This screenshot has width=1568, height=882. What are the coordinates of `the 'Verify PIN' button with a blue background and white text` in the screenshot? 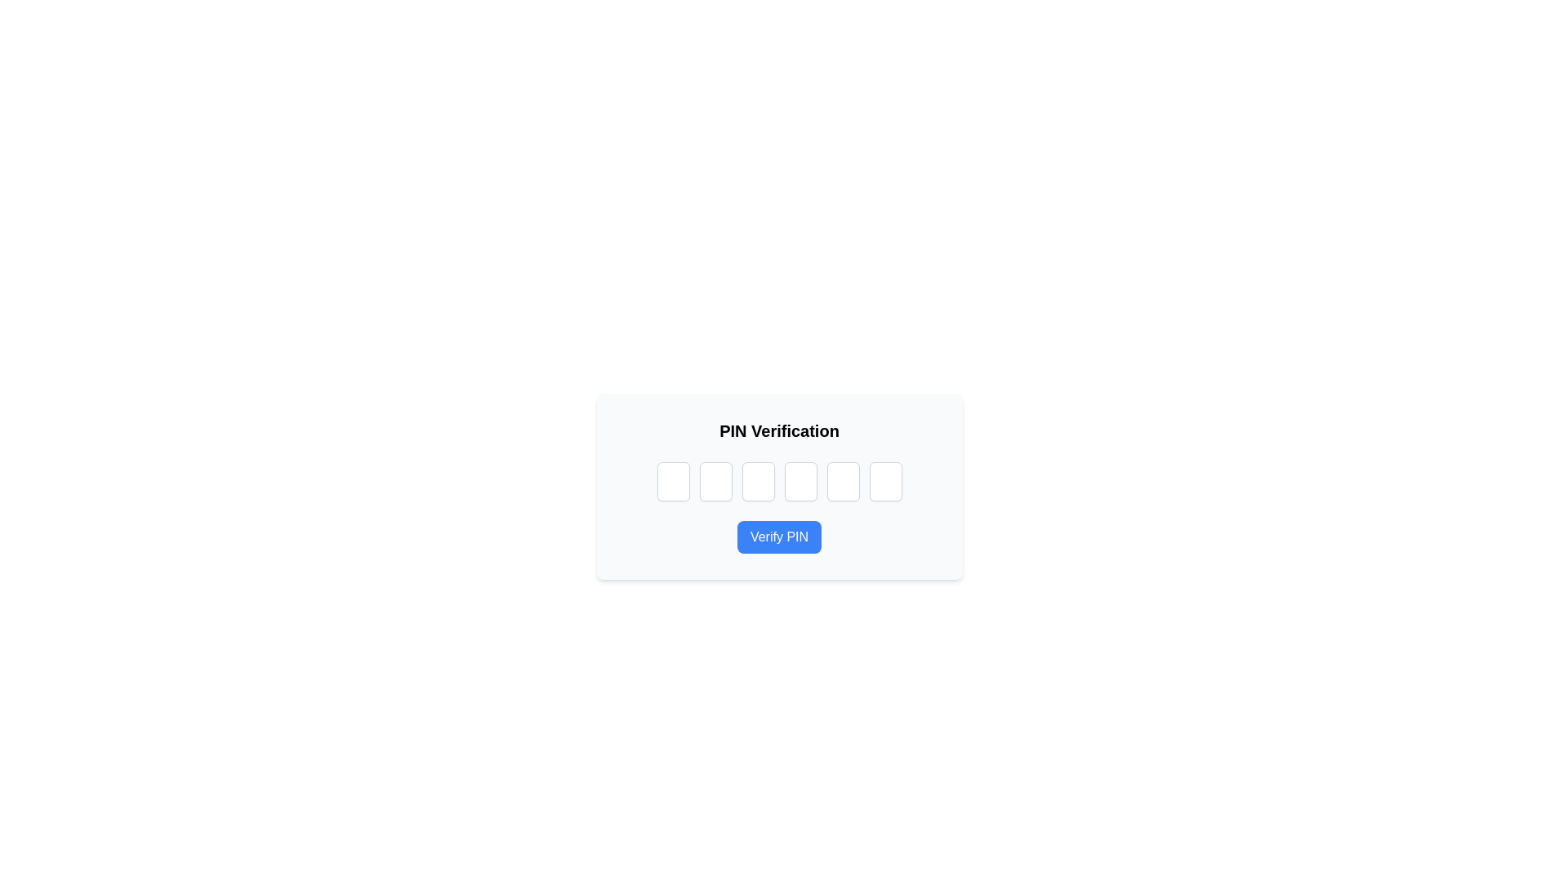 It's located at (778, 537).